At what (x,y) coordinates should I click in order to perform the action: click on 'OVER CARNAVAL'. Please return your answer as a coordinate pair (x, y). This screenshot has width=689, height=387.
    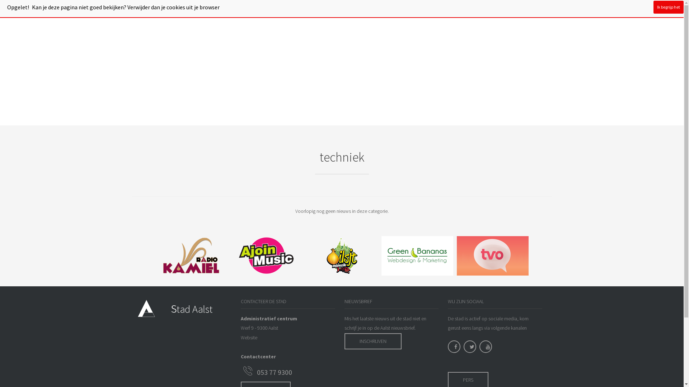
    Looking at the image, I should click on (383, 9).